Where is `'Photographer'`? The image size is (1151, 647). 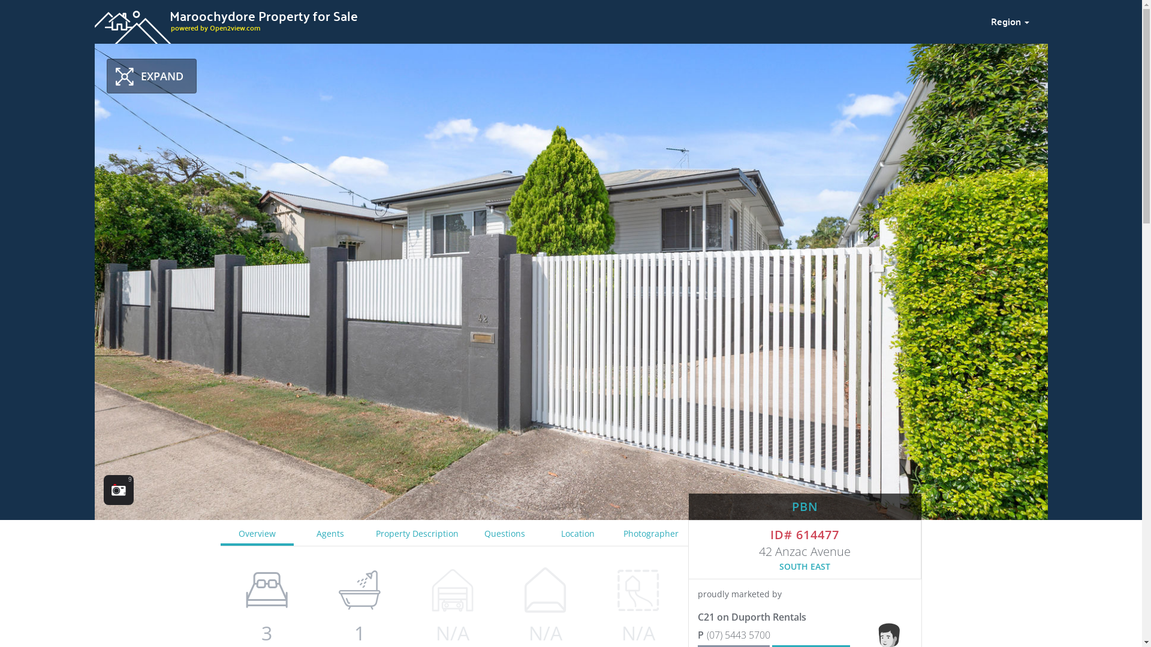
'Photographer' is located at coordinates (650, 532).